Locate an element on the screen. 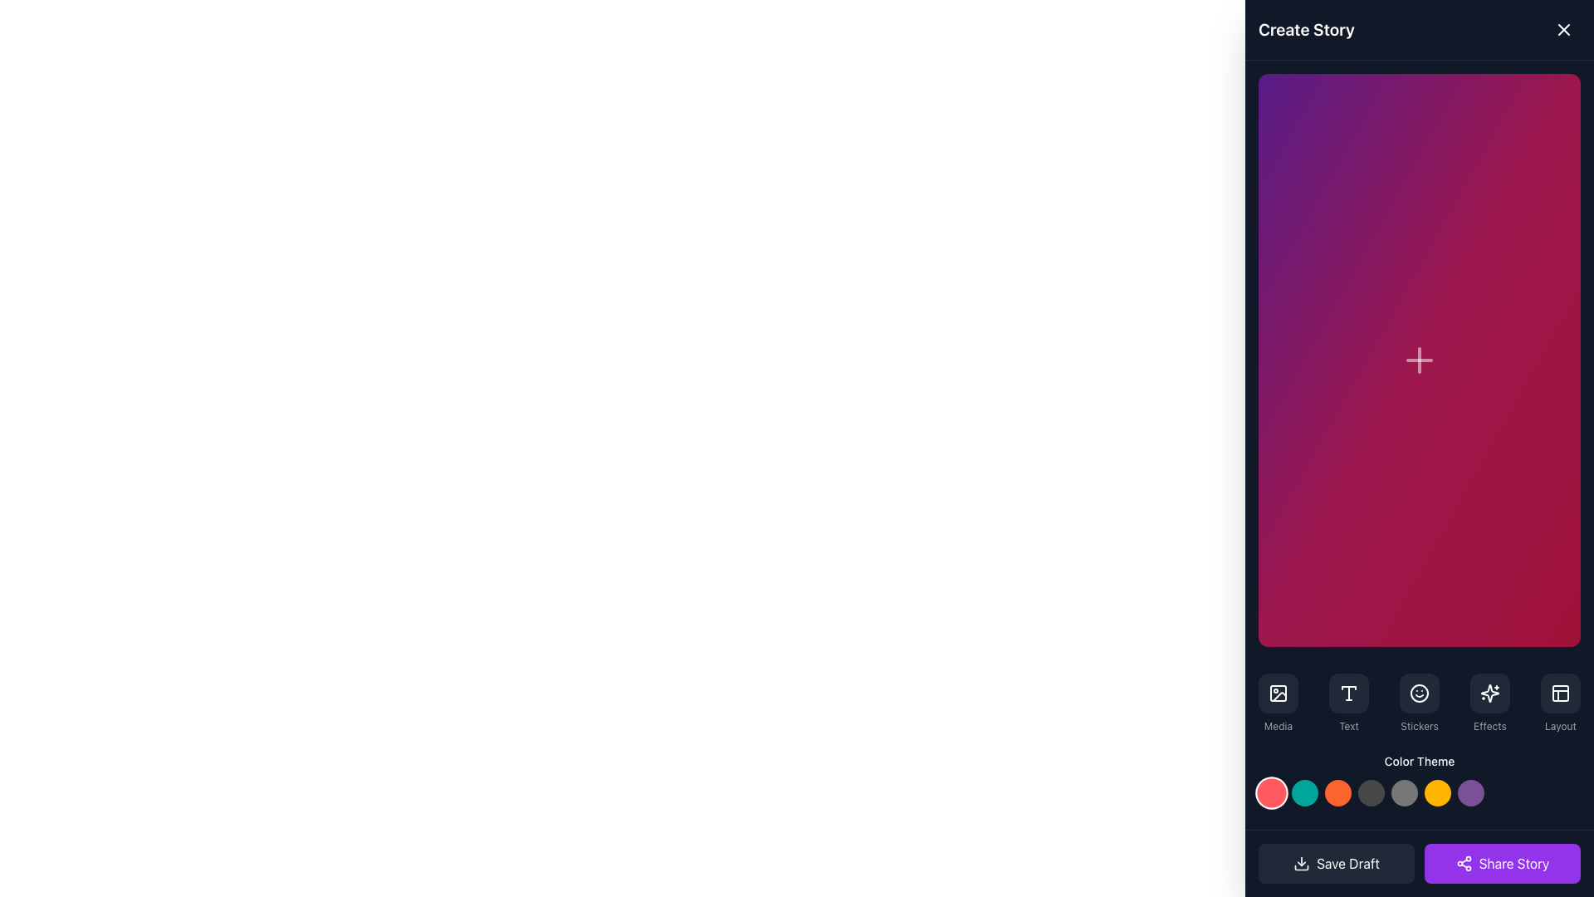  the text label located beneath the sparkles icon in the bottom toolbar of the interface, which serves as a clarification for the feature represented by that icon is located at coordinates (1490, 725).